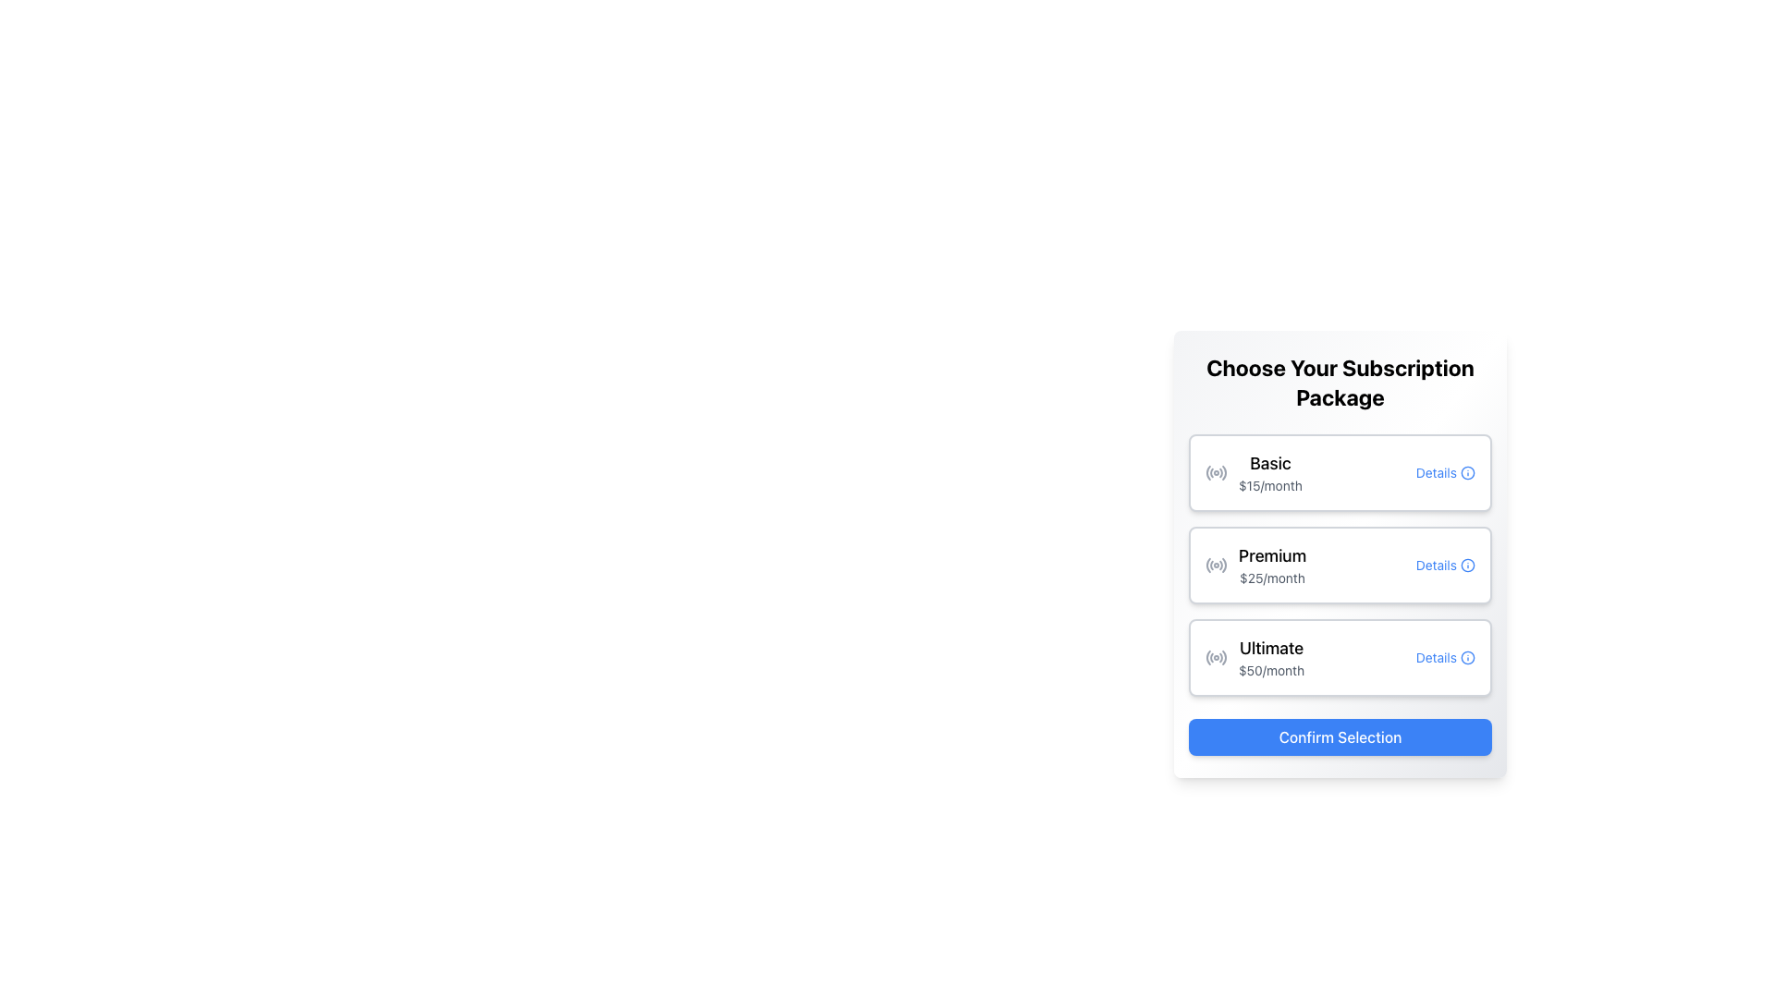 Image resolution: width=1775 pixels, height=998 pixels. Describe the element at coordinates (1270, 670) in the screenshot. I see `the text label displaying '$50/month' that is located beneath the title 'Ultimate' in the subscription card for the 'Ultimate' plan` at that location.